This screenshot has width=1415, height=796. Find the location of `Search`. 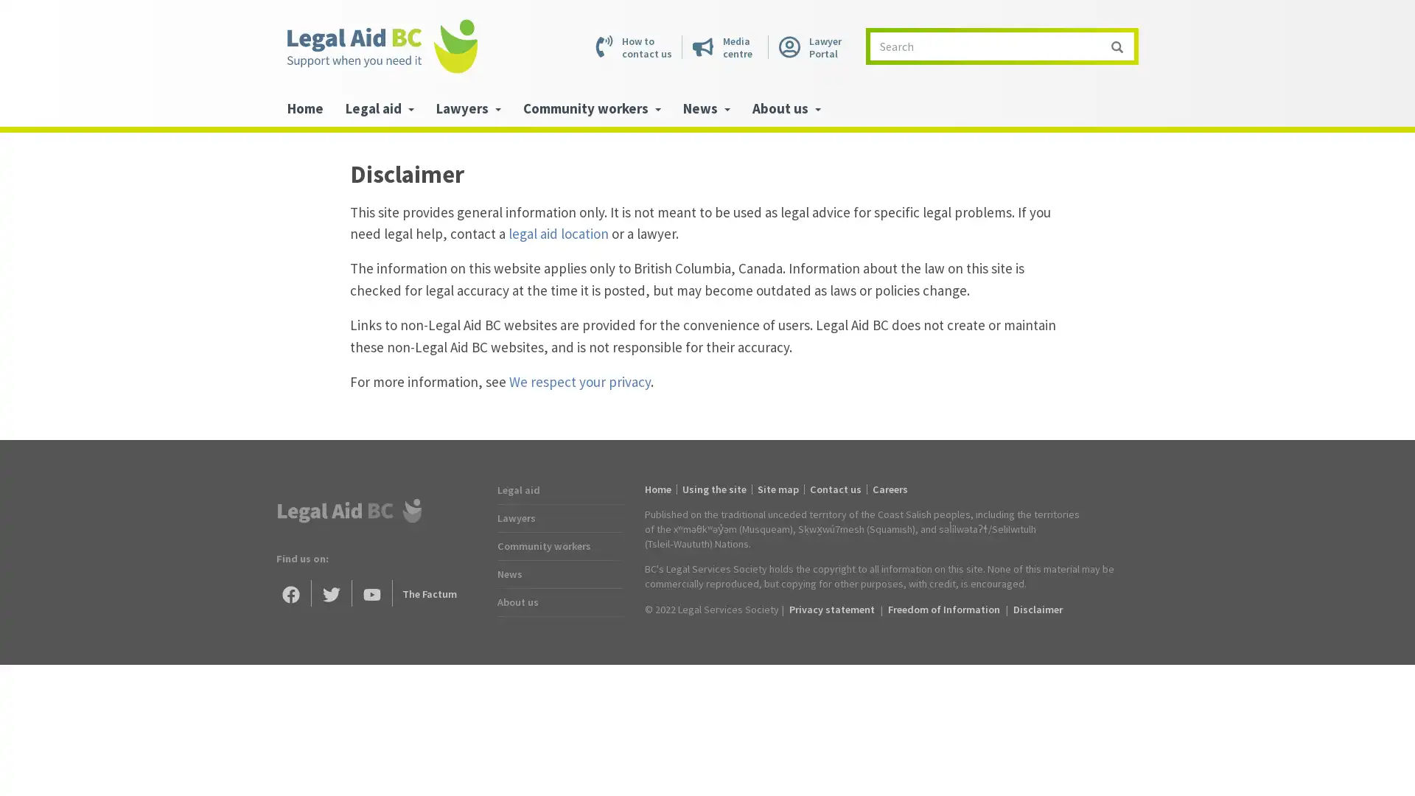

Search is located at coordinates (1117, 45).